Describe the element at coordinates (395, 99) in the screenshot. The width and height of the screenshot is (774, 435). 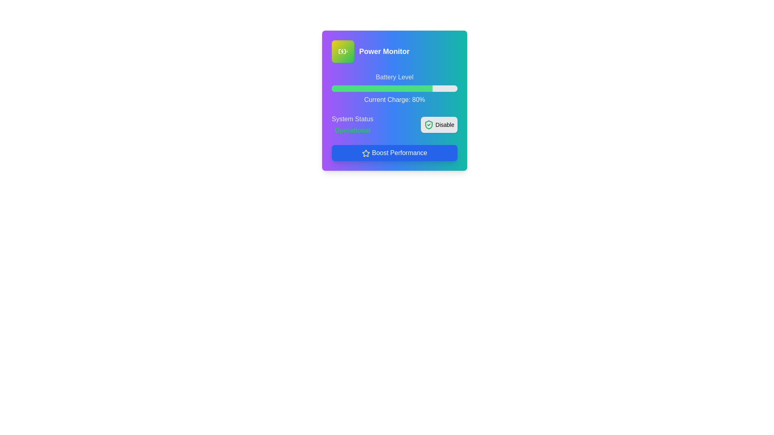
I see `the static text label that displays the current charge percentage, located in the middle of a card, under the battery level progress bar, and above the system status information` at that location.